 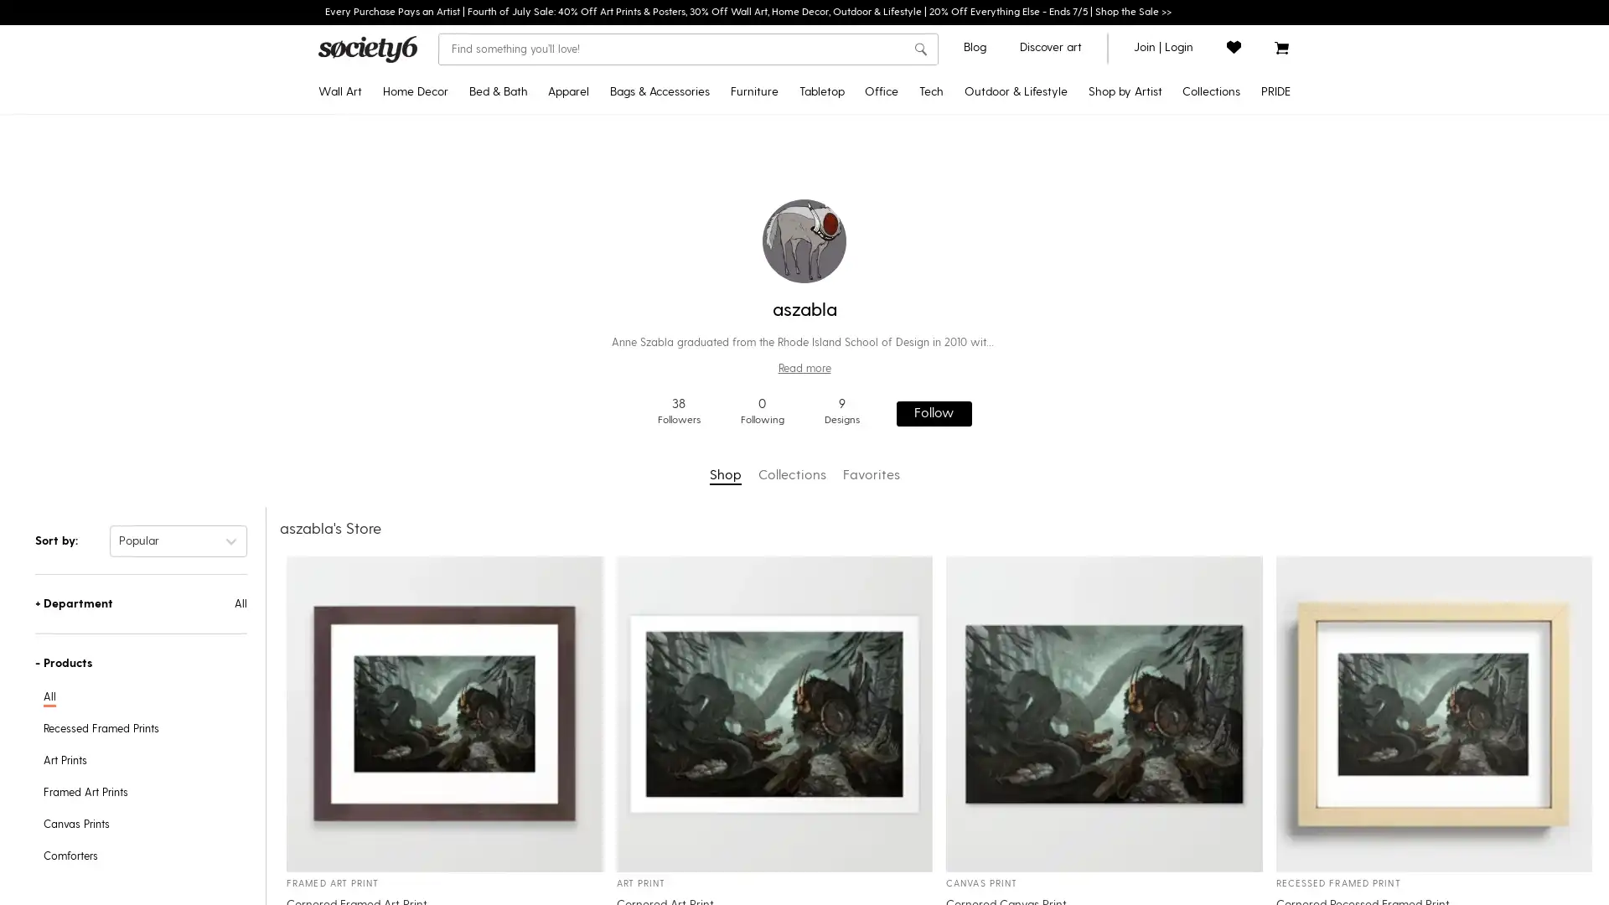 What do you see at coordinates (1149, 189) in the screenshot?
I see `2022 Home Decor Guide` at bounding box center [1149, 189].